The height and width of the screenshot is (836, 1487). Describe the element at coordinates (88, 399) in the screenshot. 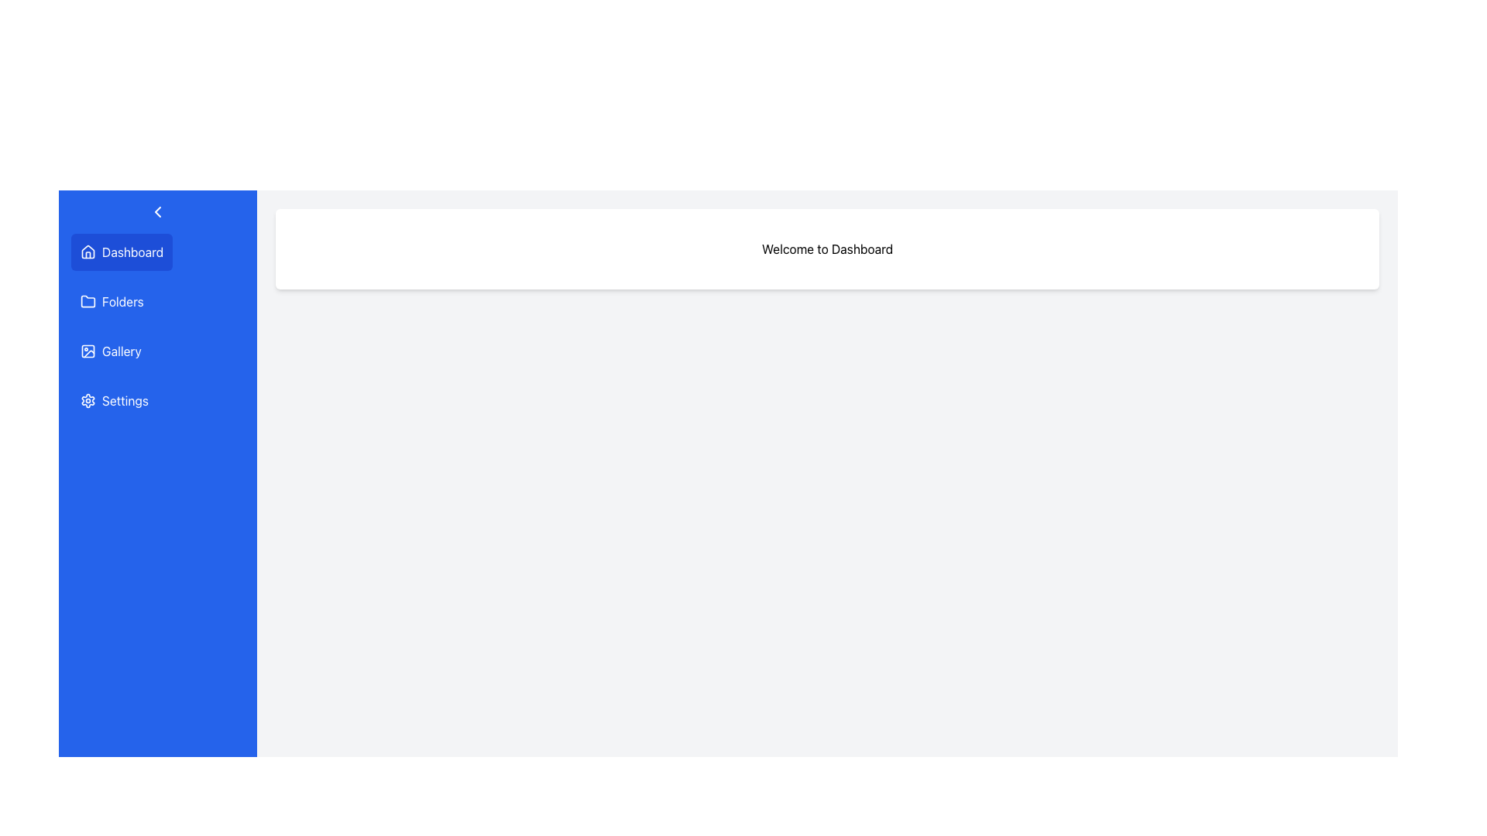

I see `the gear icon with a blue background and white outline located in the left side navigation bar` at that location.